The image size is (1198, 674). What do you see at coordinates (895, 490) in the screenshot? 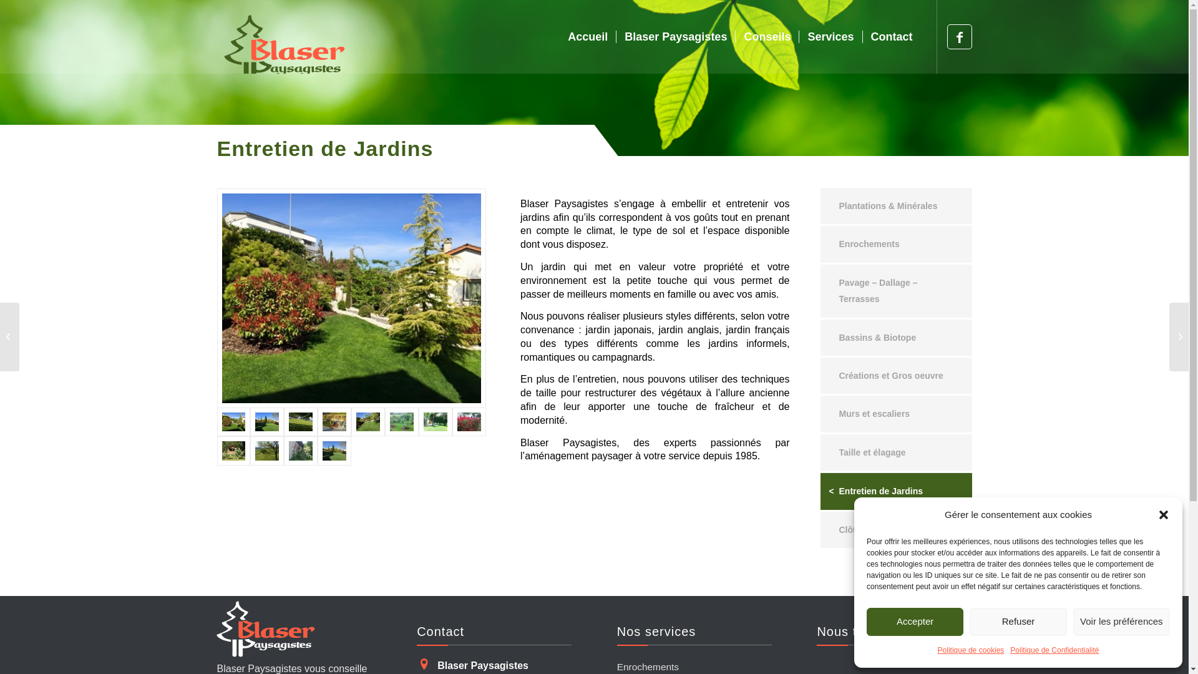
I see `'Entretien de Jardins'` at bounding box center [895, 490].